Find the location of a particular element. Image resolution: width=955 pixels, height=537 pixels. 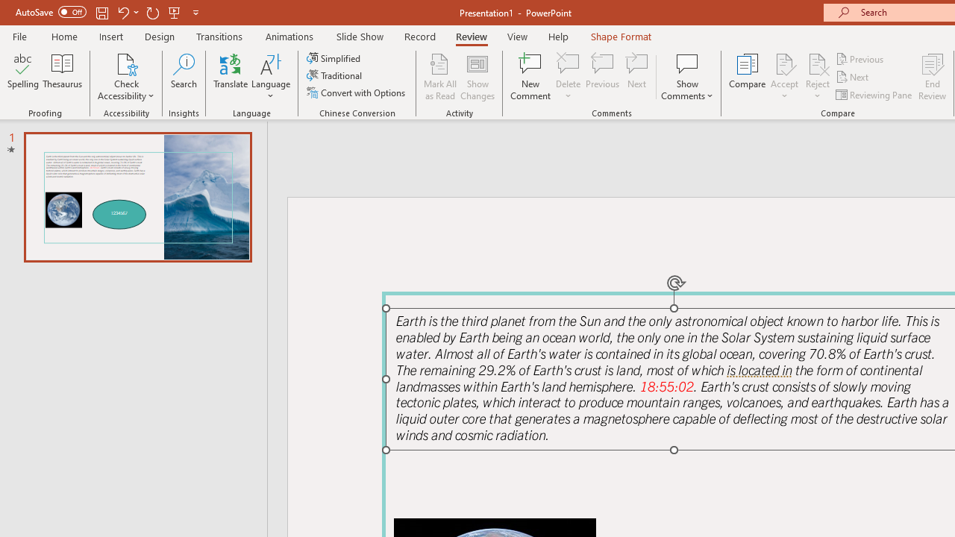

'Language' is located at coordinates (271, 77).